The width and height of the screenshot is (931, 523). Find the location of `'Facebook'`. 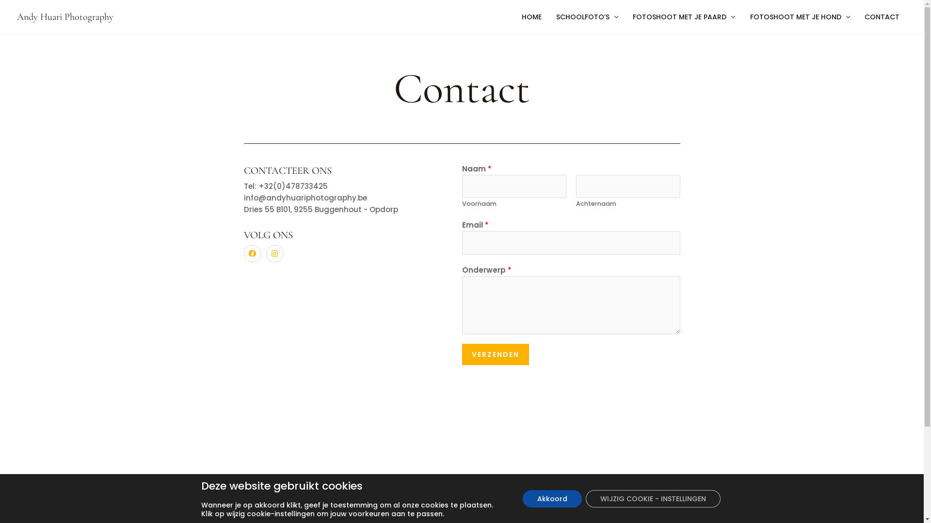

'Facebook' is located at coordinates (252, 253).